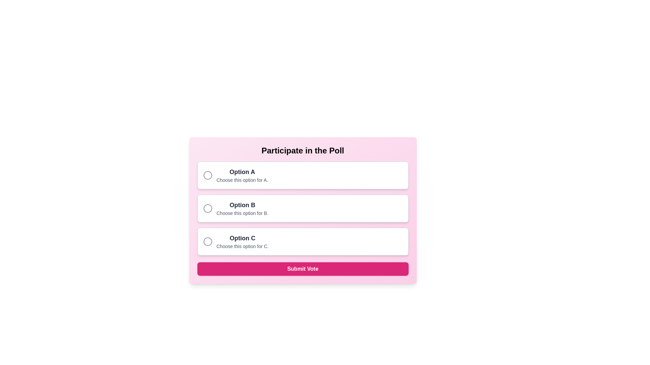  Describe the element at coordinates (242, 246) in the screenshot. I see `the descriptive text element located below the title 'Option C' in the vertical list of options` at that location.